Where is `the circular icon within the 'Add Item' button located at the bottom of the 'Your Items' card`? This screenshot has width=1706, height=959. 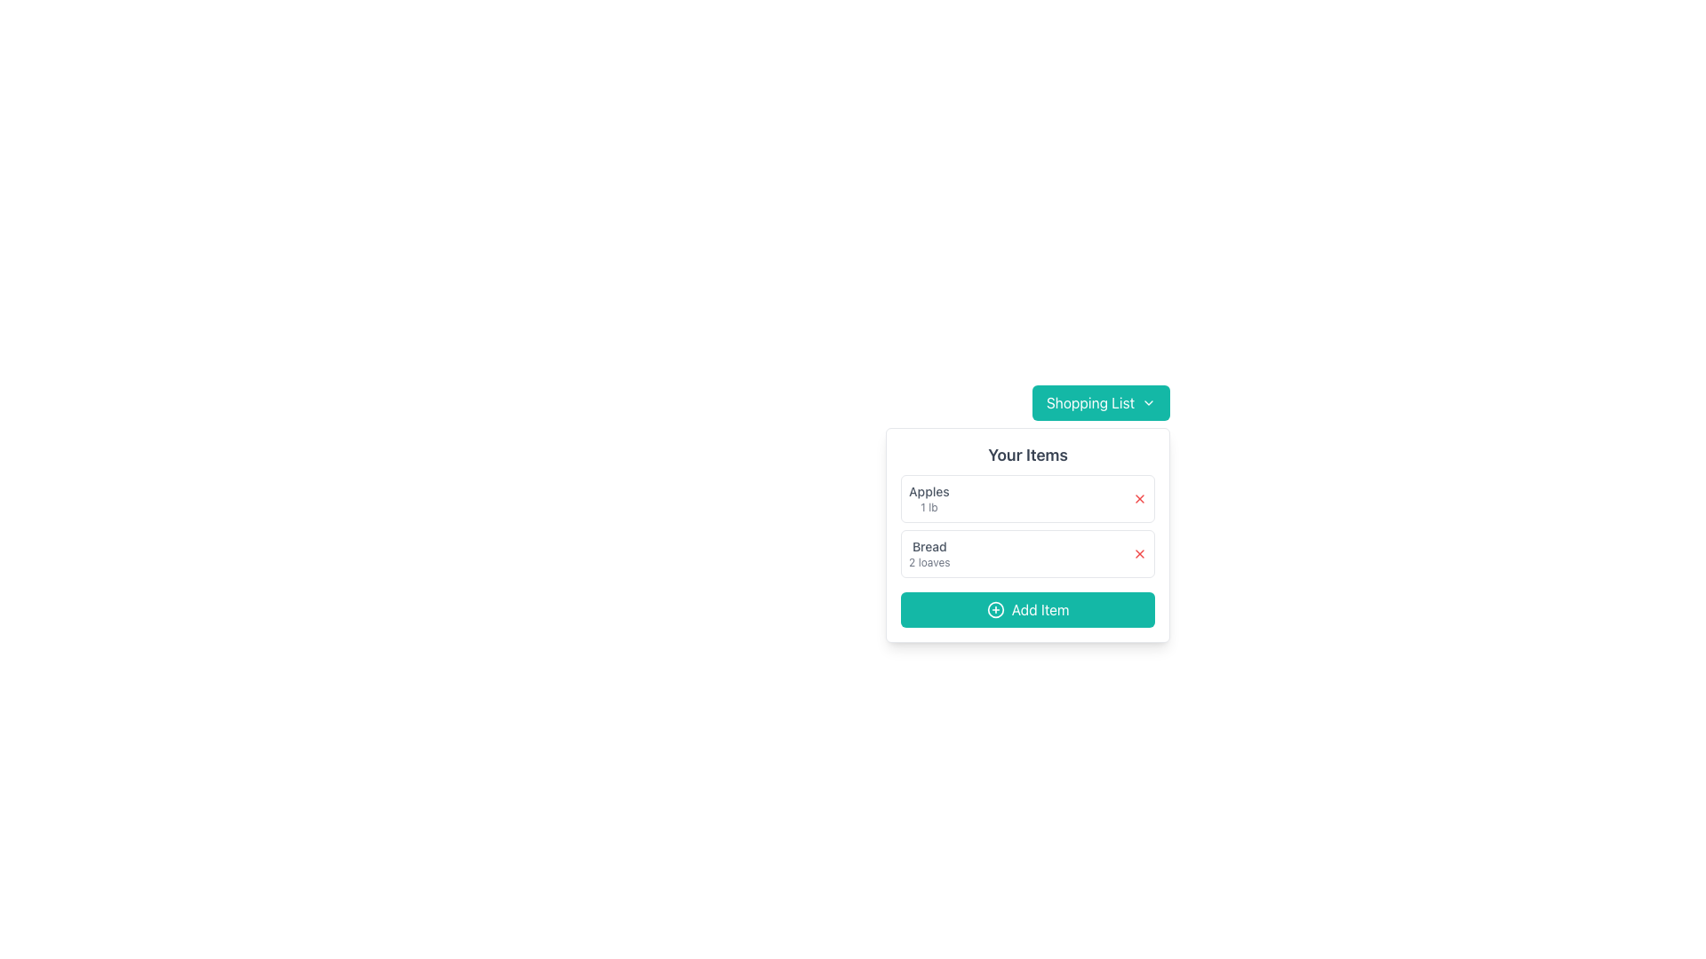 the circular icon within the 'Add Item' button located at the bottom of the 'Your Items' card is located at coordinates (995, 608).